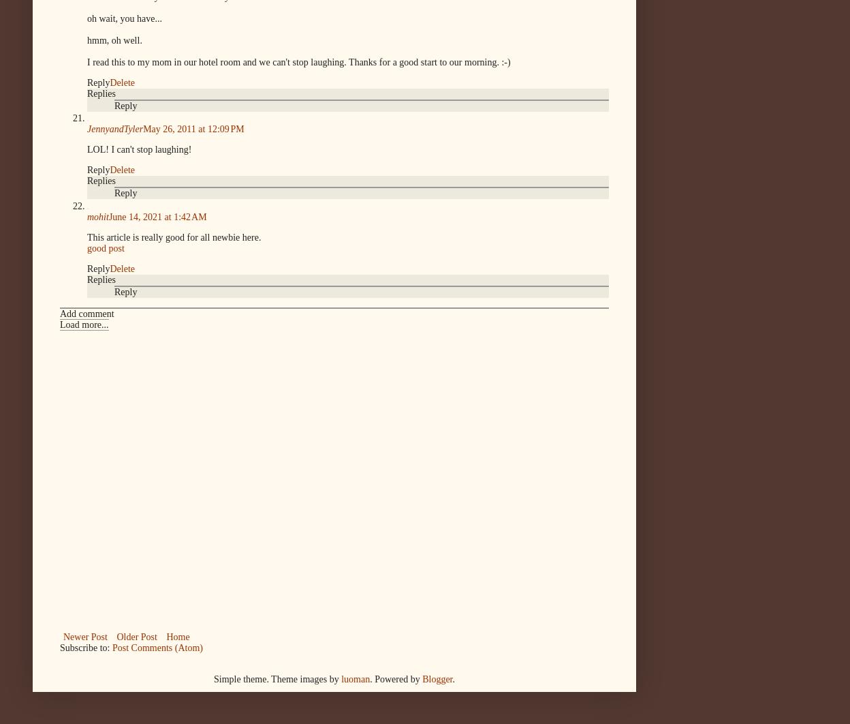 The width and height of the screenshot is (850, 724). I want to click on 'May 26, 2011 at 12:09 PM', so click(193, 129).